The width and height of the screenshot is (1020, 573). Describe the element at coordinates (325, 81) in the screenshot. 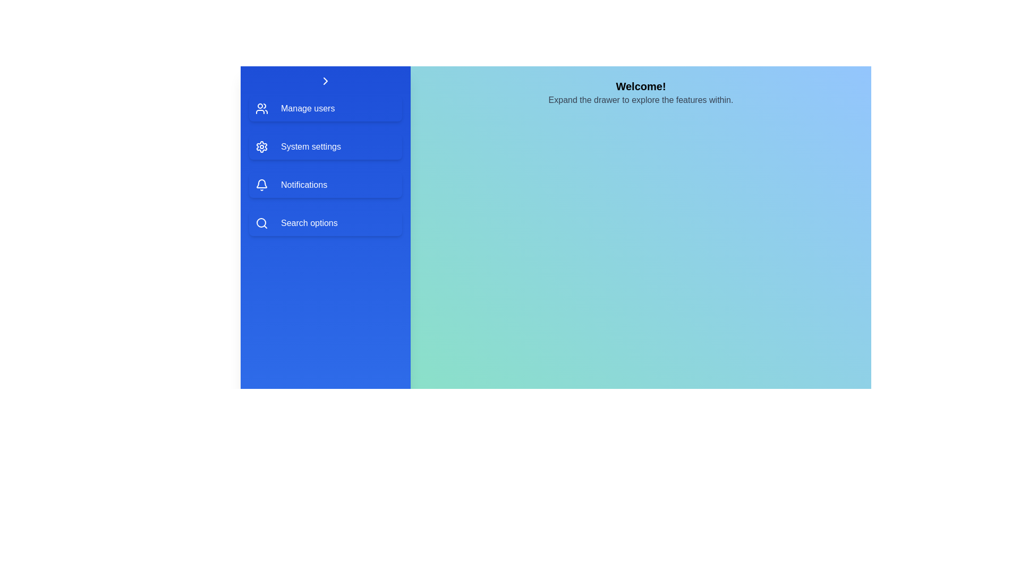

I see `the chevron button to toggle the drawer's state` at that location.